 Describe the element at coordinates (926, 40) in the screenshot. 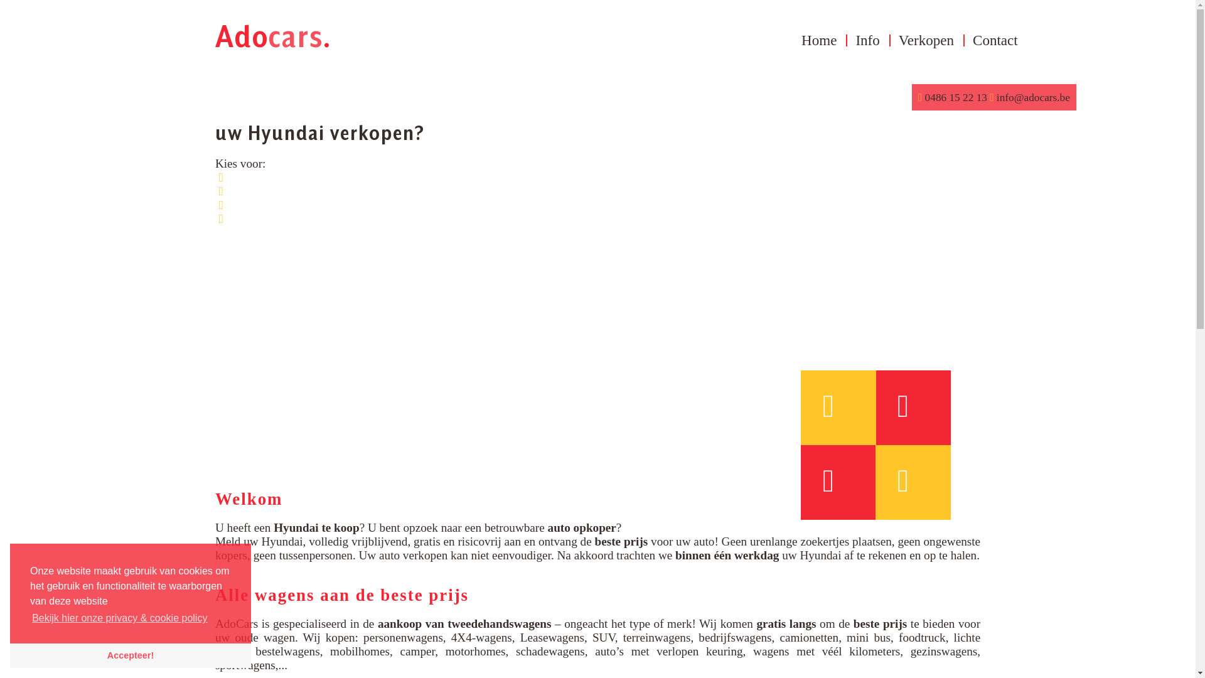

I see `'Verkopen'` at that location.